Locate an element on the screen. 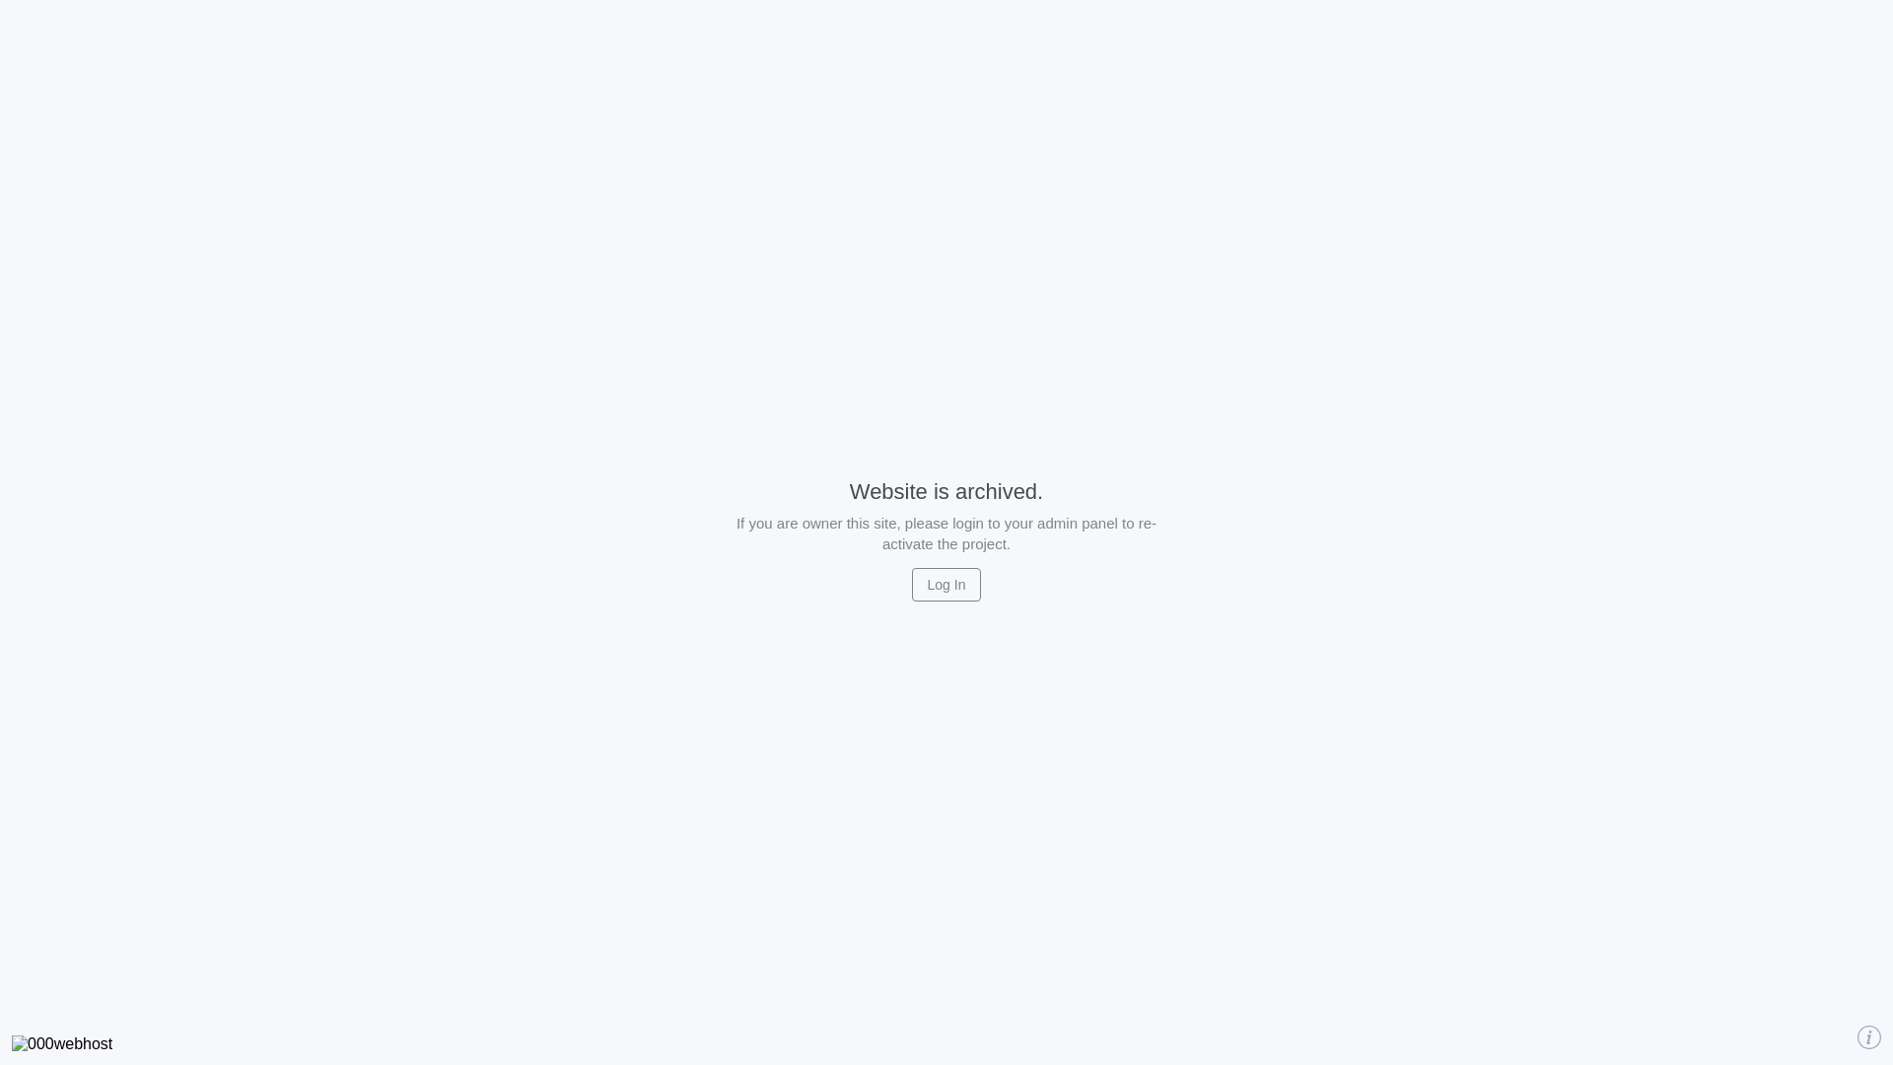 The height and width of the screenshot is (1065, 1893). 'Log In' is located at coordinates (946, 584).